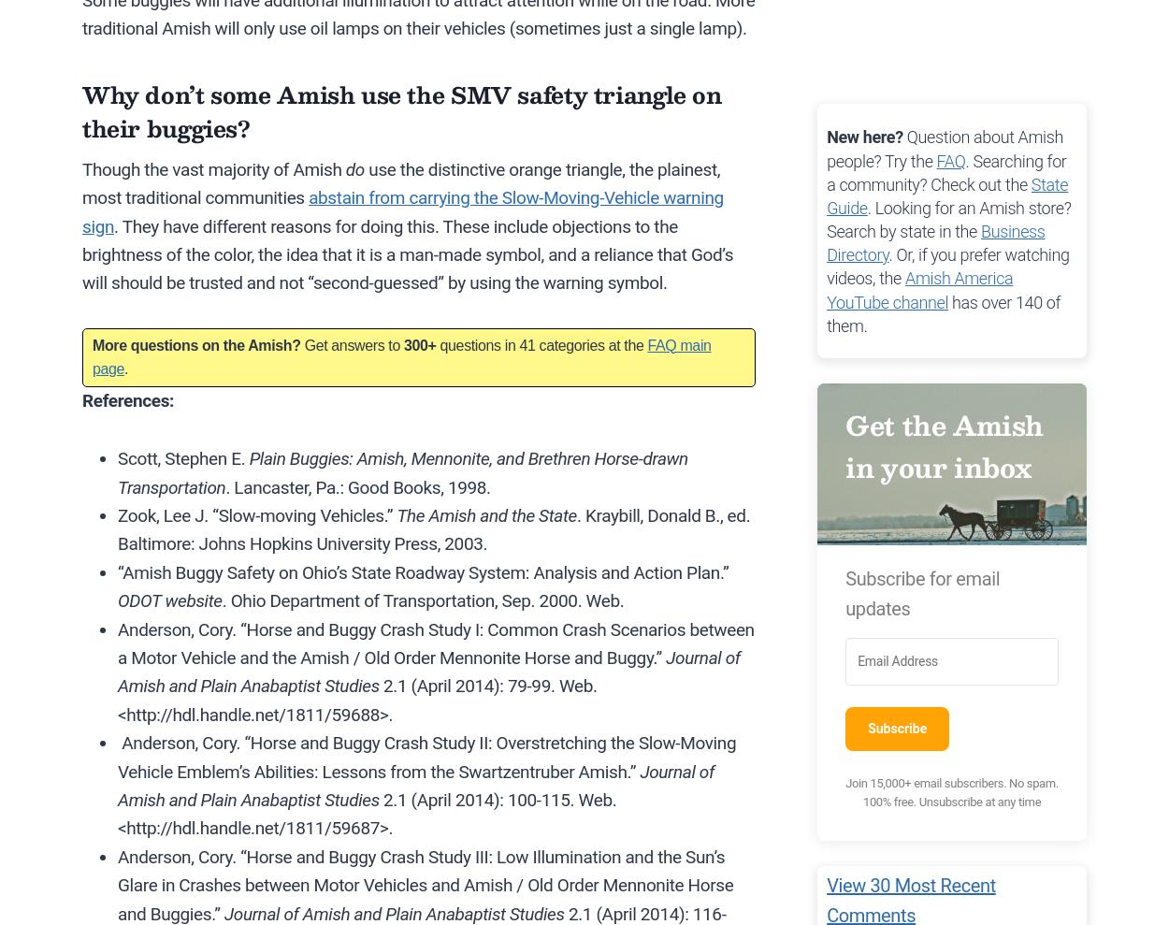  I want to click on 'questions in 41 categories at the', so click(541, 343).